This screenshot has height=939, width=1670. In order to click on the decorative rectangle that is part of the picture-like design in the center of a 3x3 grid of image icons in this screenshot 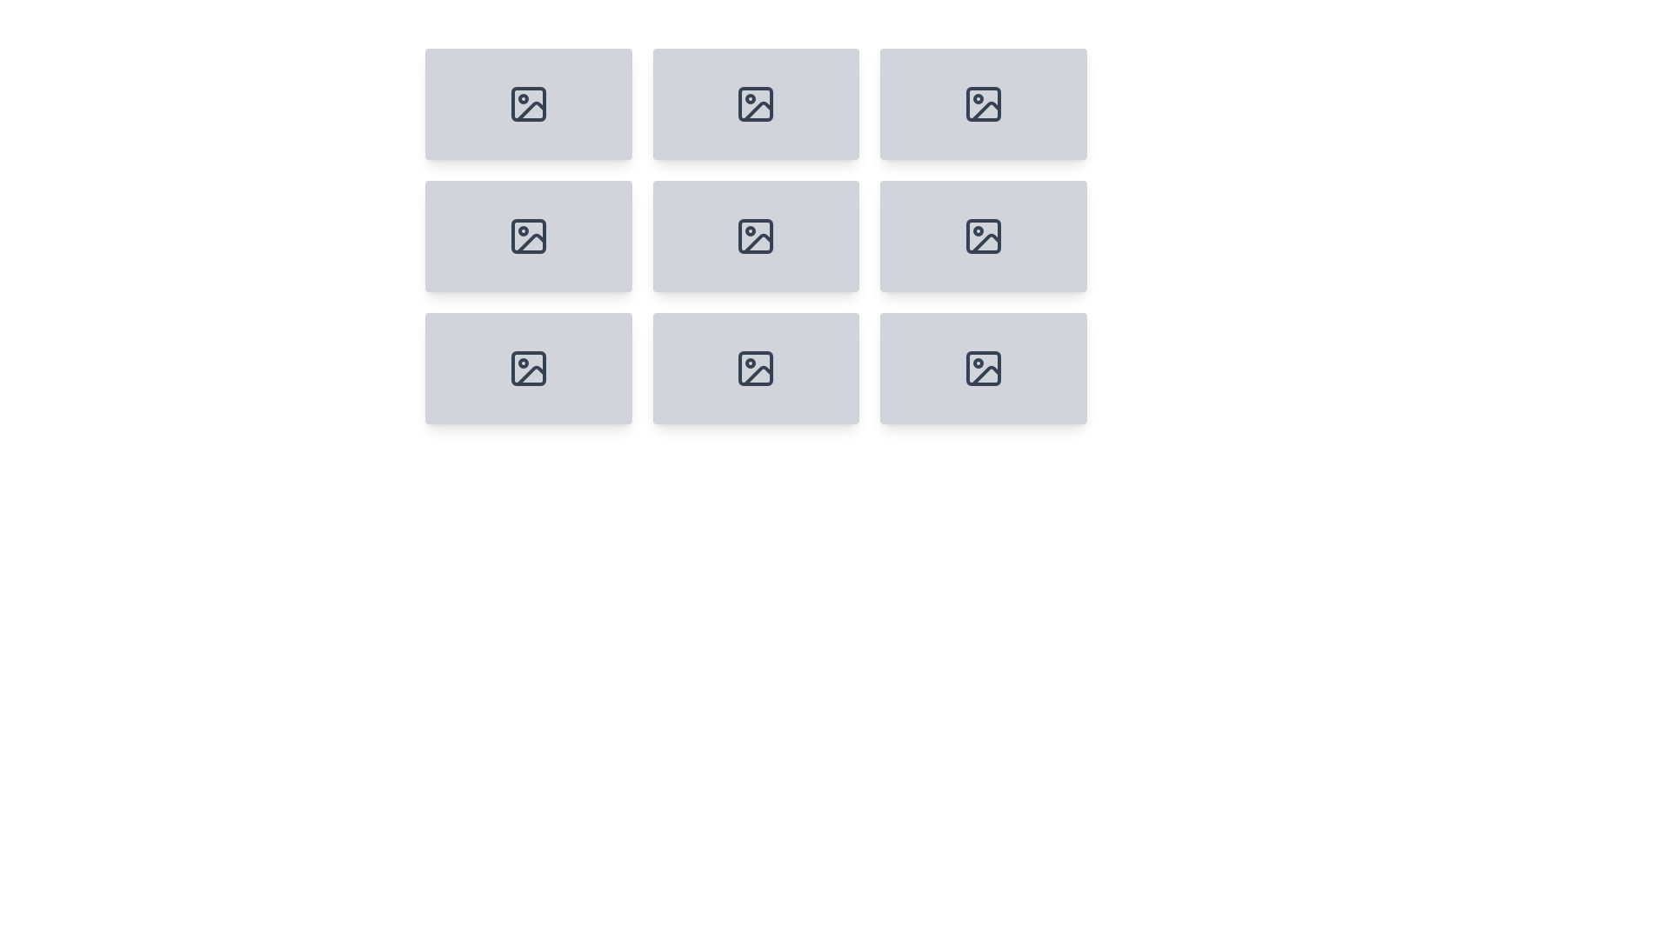, I will do `click(756, 236)`.